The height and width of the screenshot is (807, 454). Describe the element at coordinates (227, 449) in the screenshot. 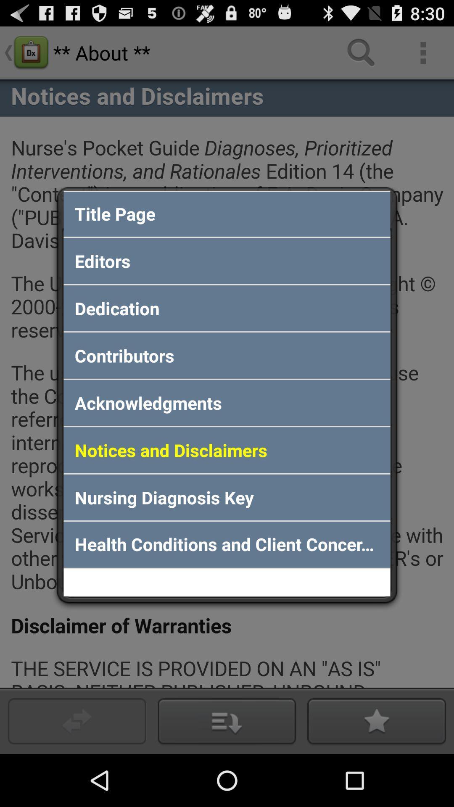

I see `app below acknowledgments` at that location.